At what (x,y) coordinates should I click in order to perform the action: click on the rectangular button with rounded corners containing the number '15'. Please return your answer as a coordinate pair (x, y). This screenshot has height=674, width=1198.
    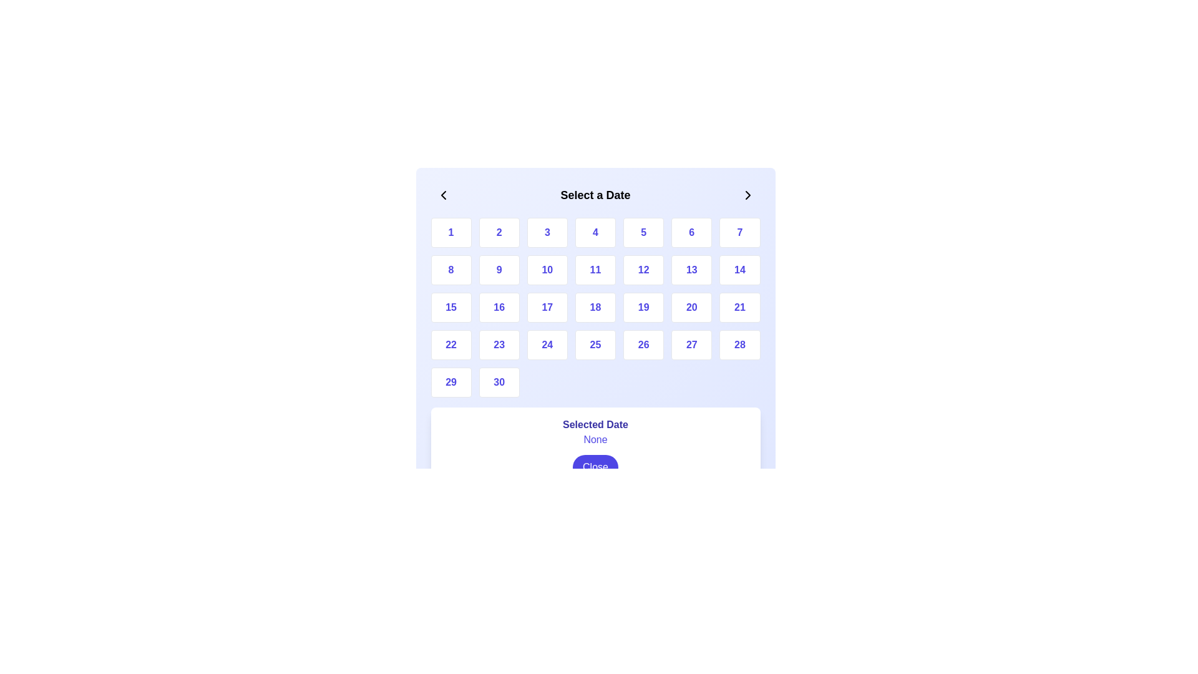
    Looking at the image, I should click on (450, 308).